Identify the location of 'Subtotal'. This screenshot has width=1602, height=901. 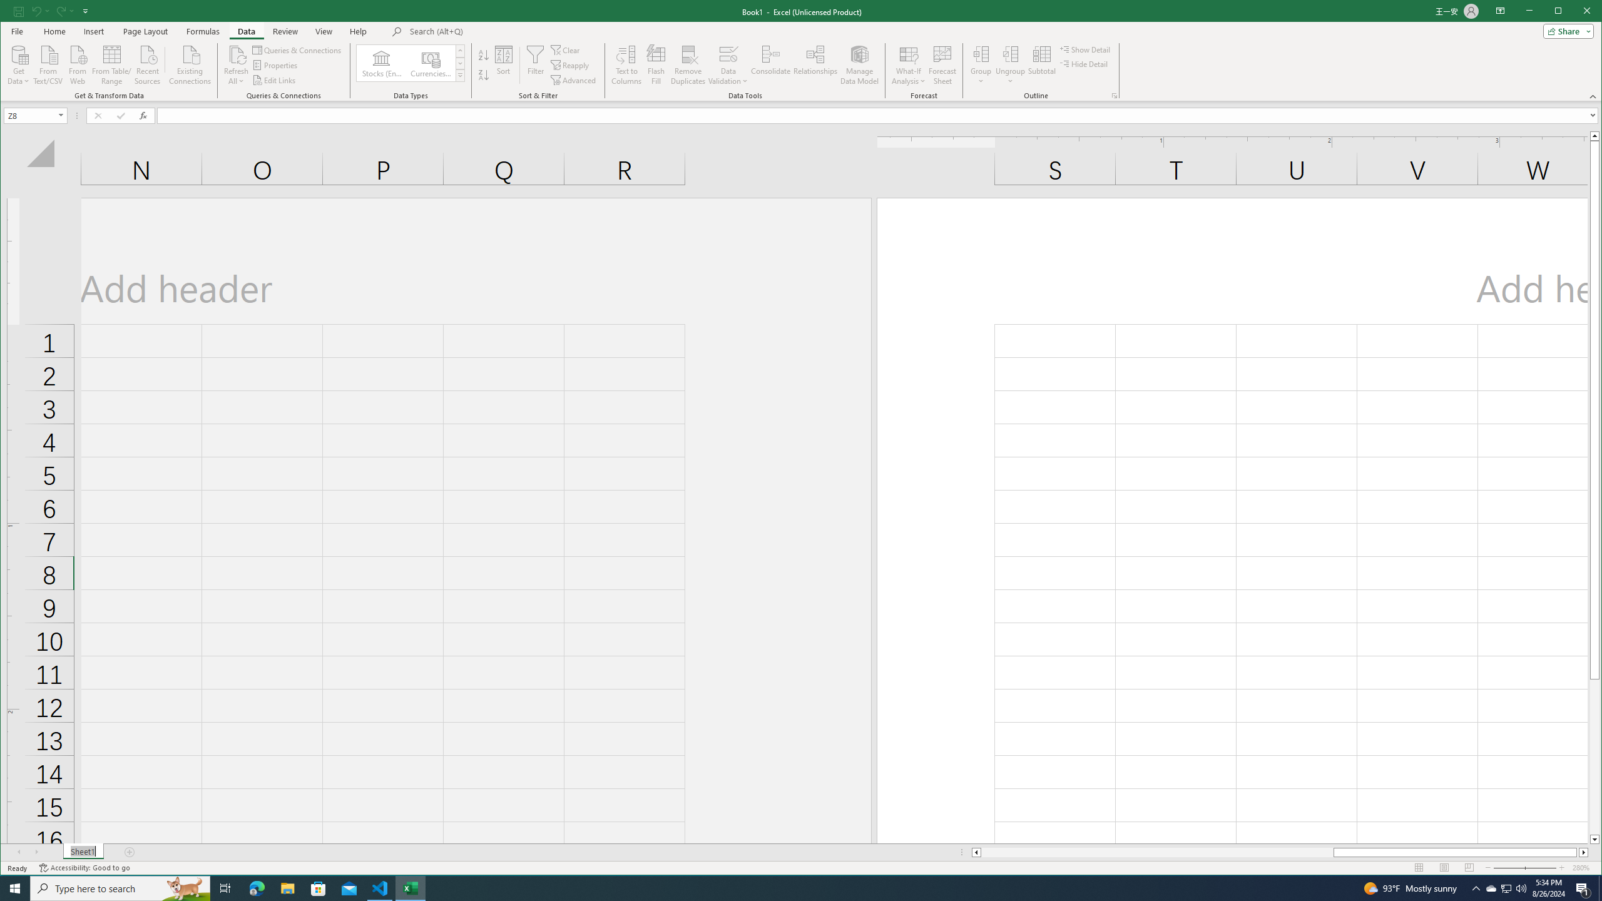
(1041, 64).